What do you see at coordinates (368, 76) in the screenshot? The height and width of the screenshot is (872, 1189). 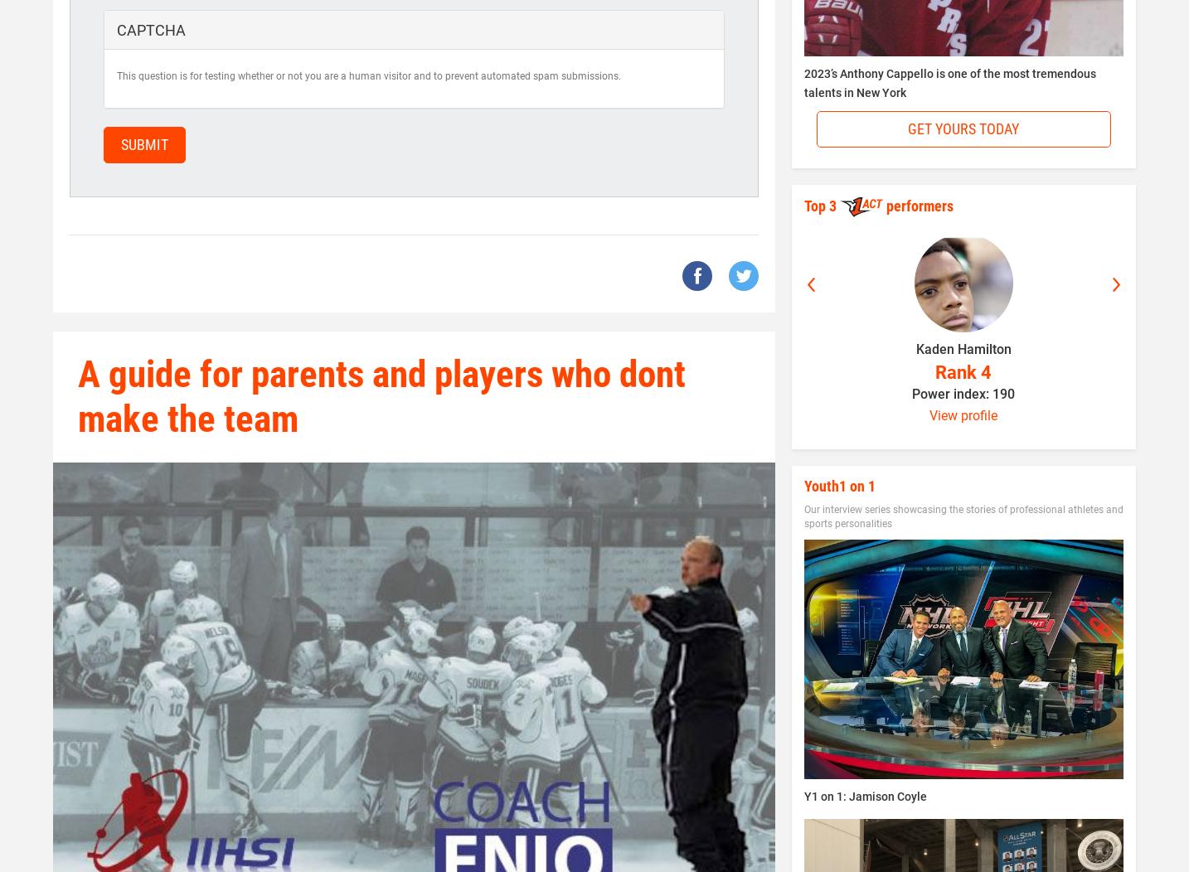 I see `'This question is for testing whether or not you are a human visitor and to prevent automated spam submissions.'` at bounding box center [368, 76].